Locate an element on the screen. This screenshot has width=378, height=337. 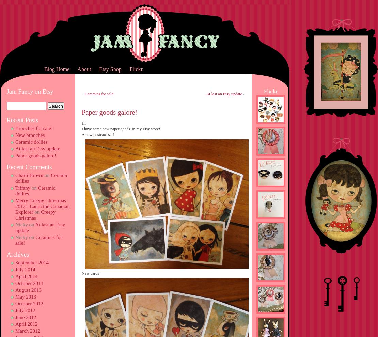
'About' is located at coordinates (84, 69).